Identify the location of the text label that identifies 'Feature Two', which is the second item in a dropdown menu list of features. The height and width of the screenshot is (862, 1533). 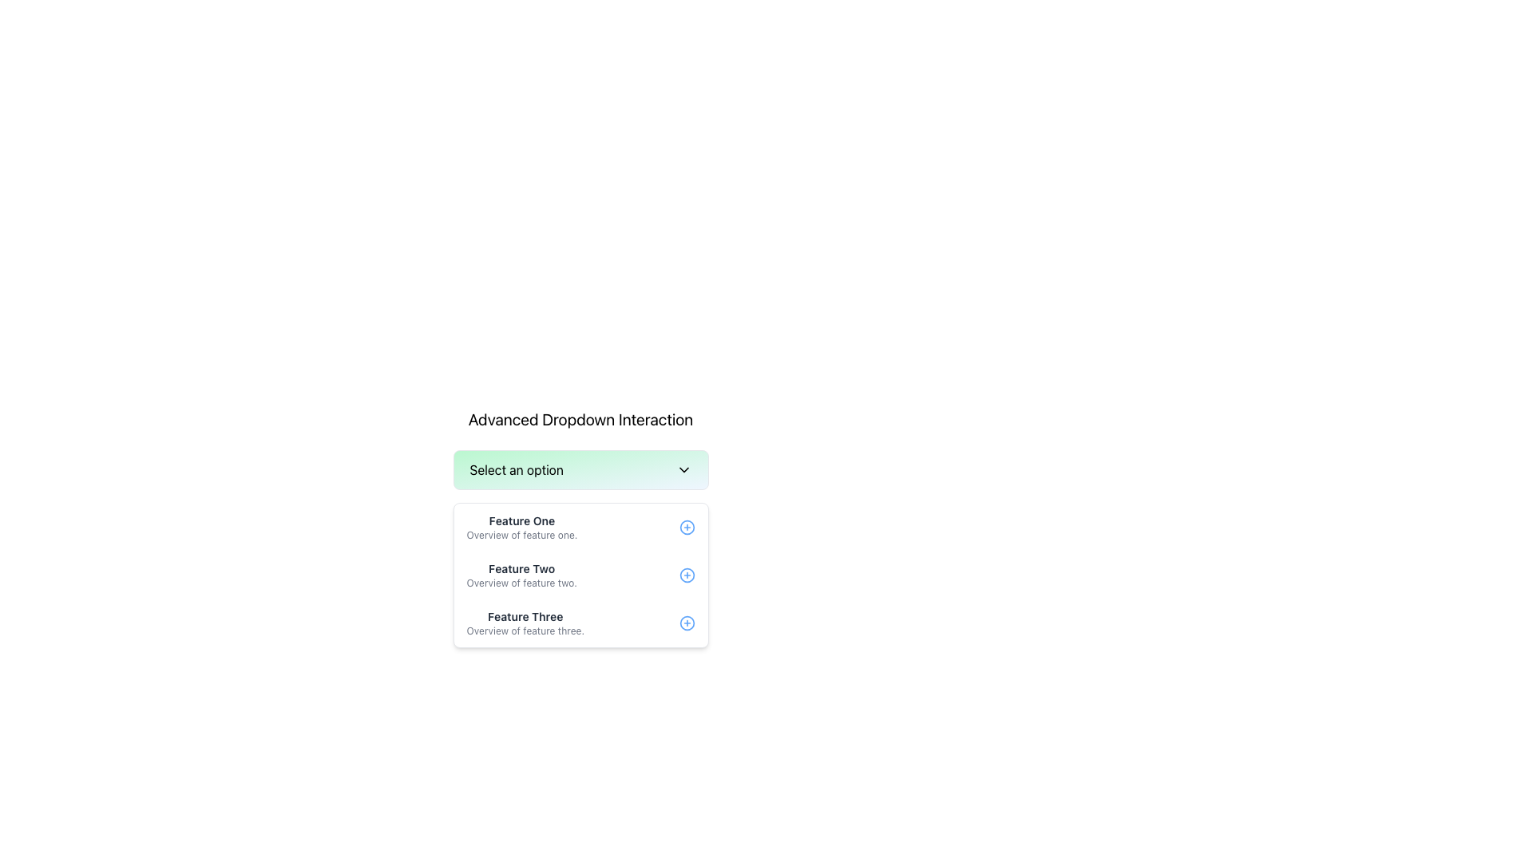
(521, 568).